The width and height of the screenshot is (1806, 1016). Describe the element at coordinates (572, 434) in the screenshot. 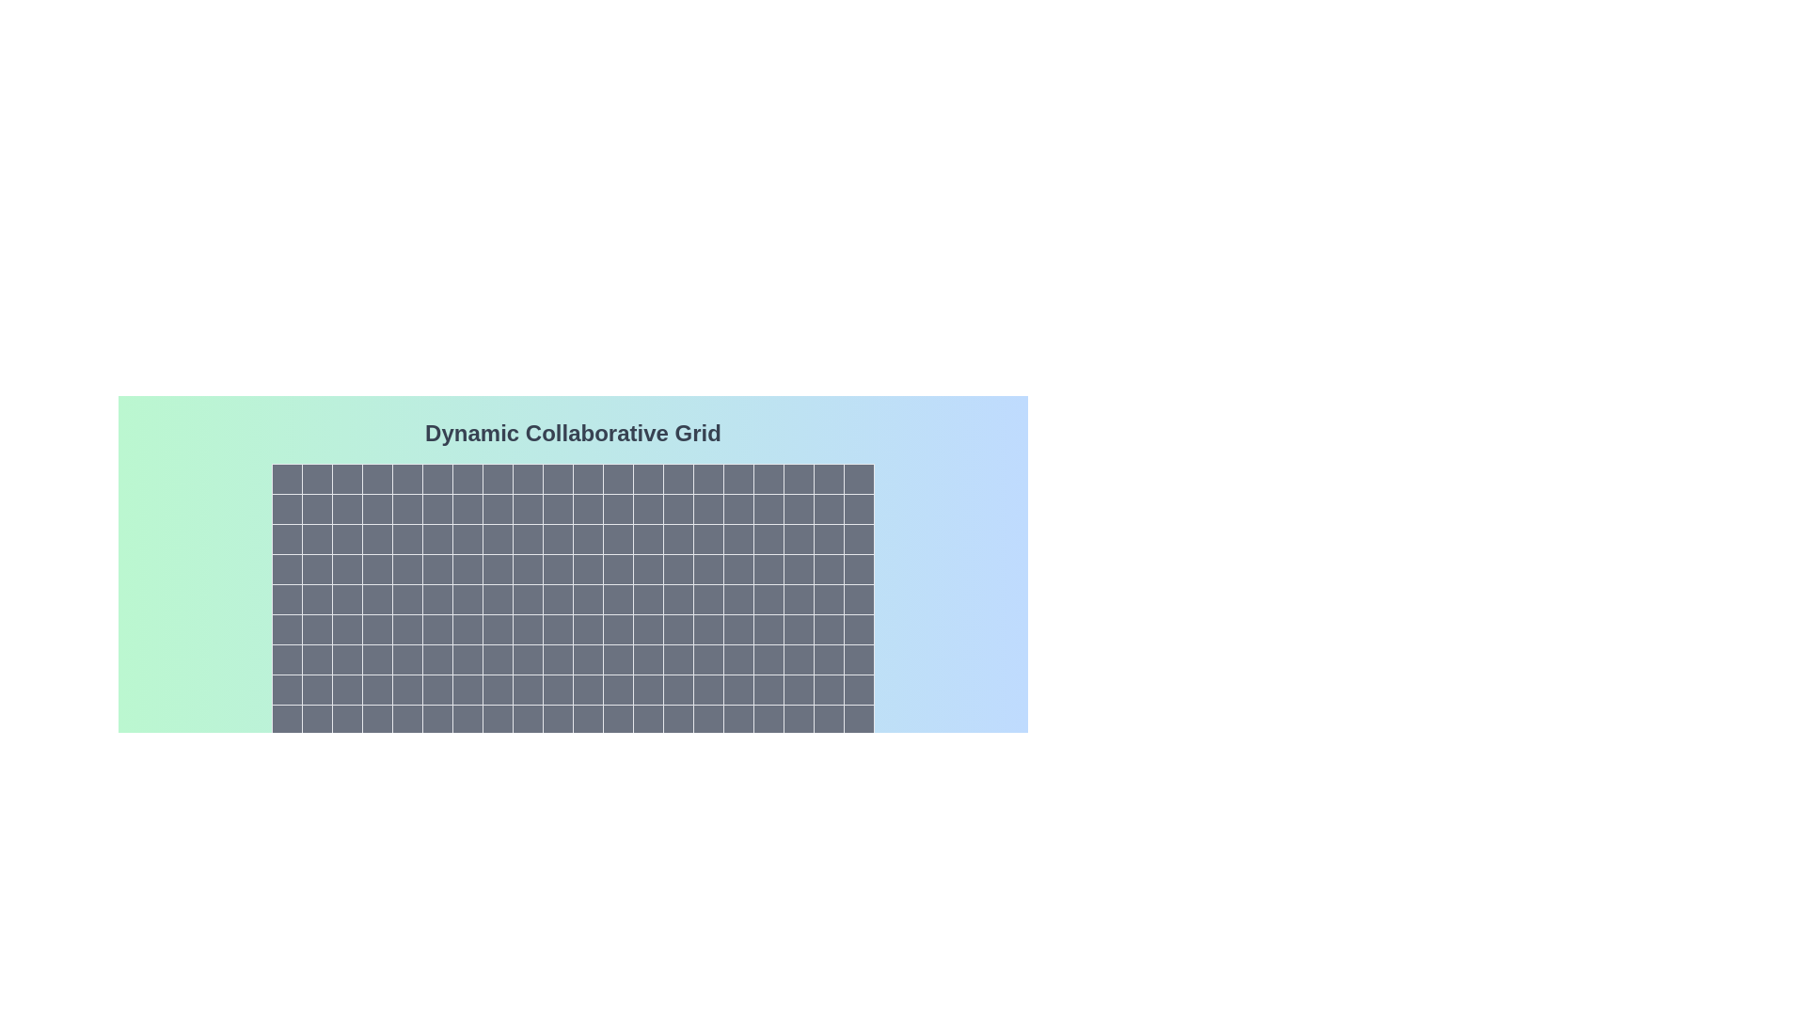

I see `the grid title text 'Dynamic Collaborative Grid'` at that location.